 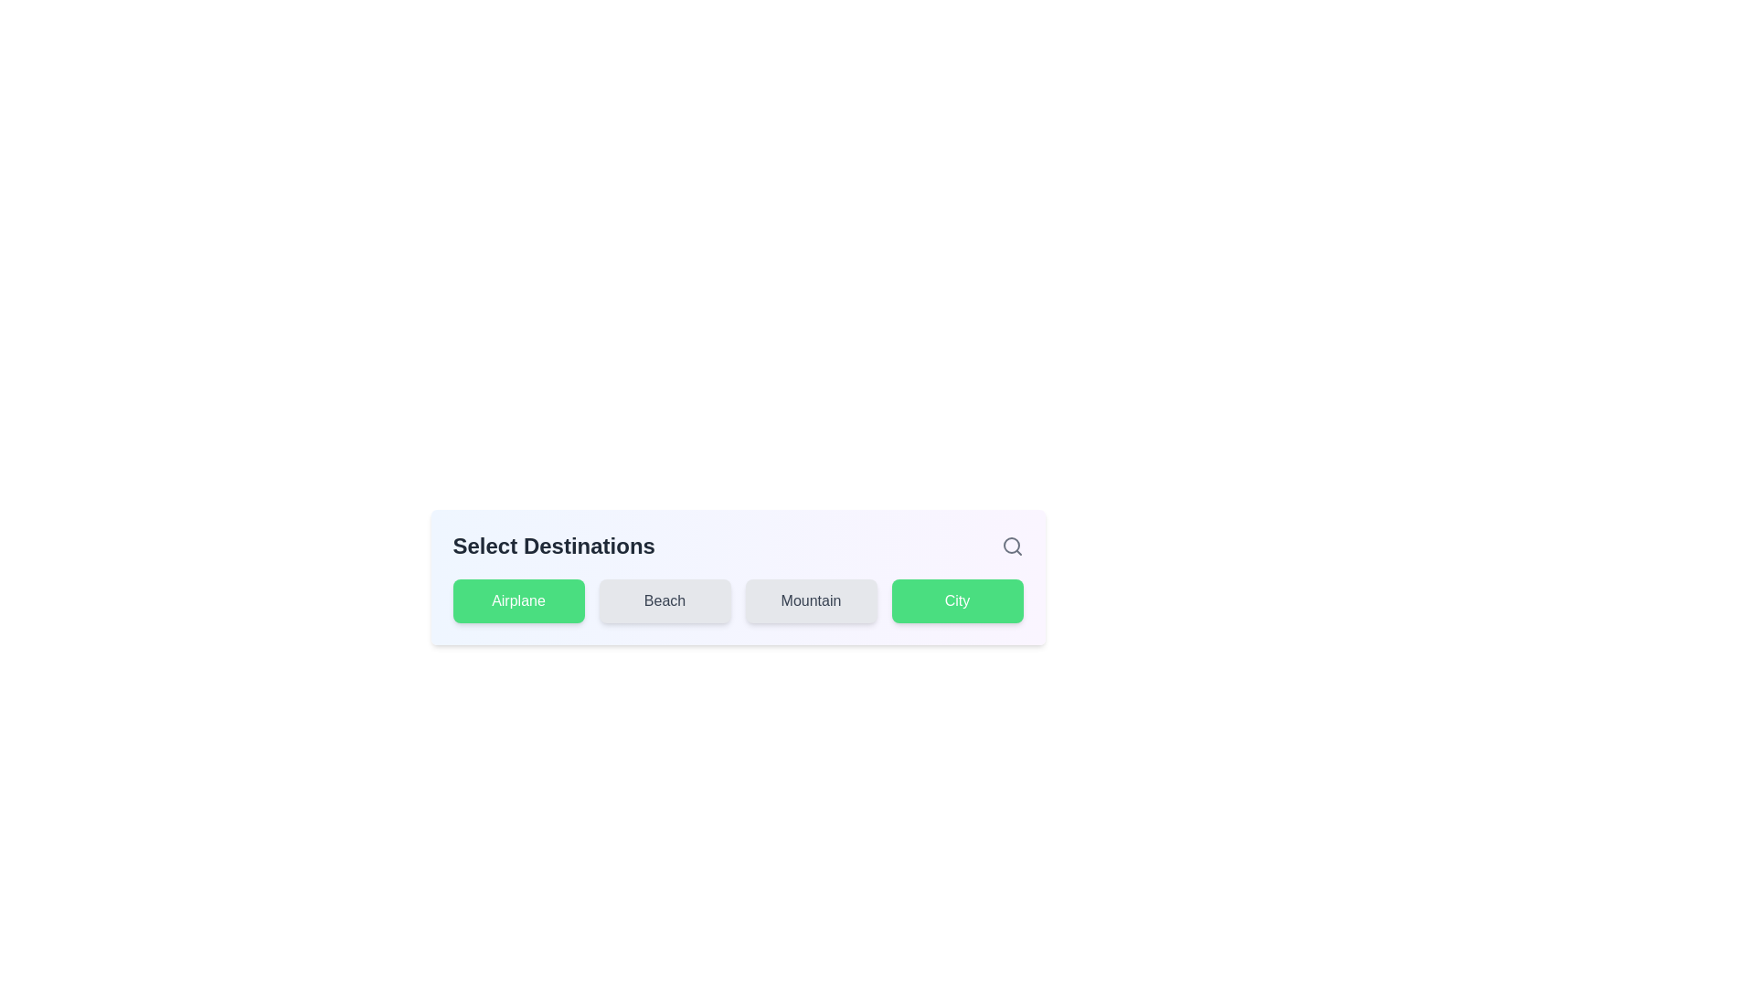 What do you see at coordinates (452, 532) in the screenshot?
I see `the text 'Select Destinations' in the title area` at bounding box center [452, 532].